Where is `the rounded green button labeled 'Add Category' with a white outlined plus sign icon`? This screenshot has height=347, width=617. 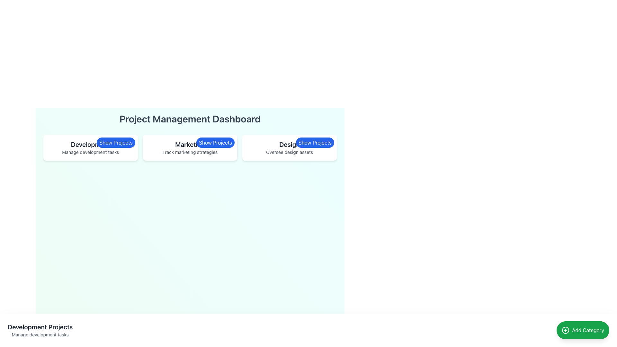 the rounded green button labeled 'Add Category' with a white outlined plus sign icon is located at coordinates (583, 330).